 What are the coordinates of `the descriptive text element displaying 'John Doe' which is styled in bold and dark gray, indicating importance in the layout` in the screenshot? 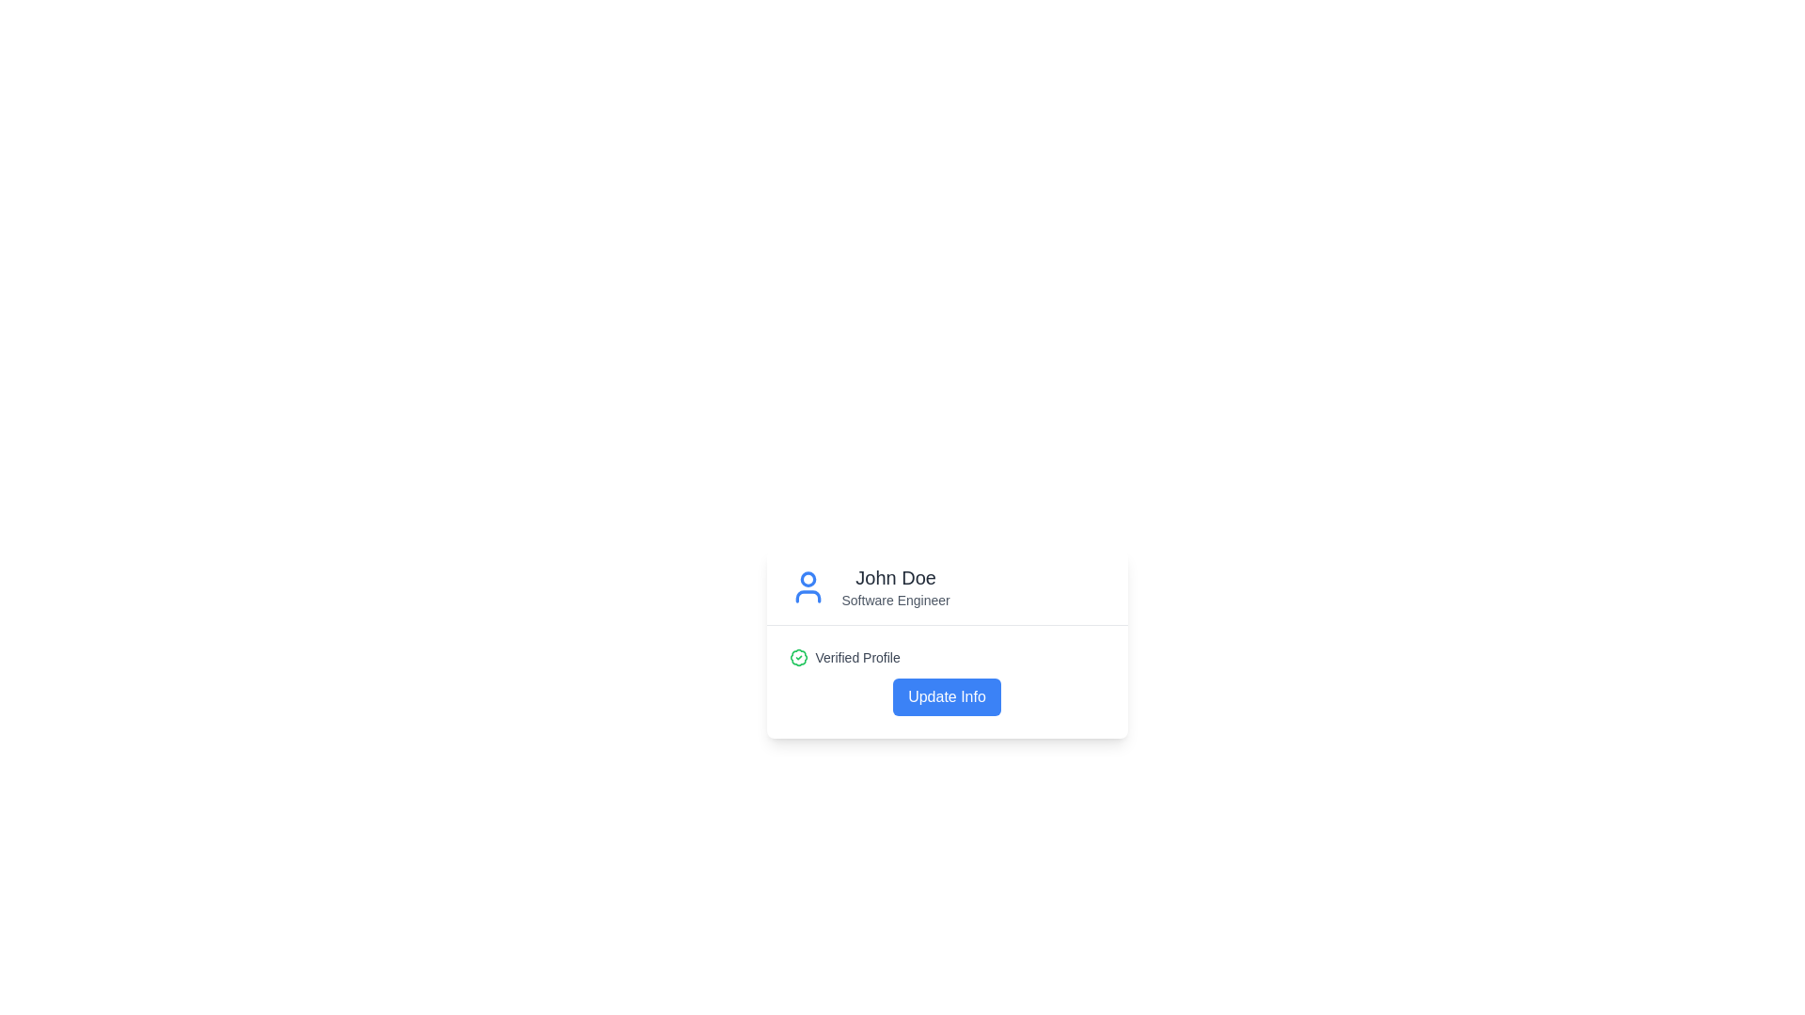 It's located at (895, 576).